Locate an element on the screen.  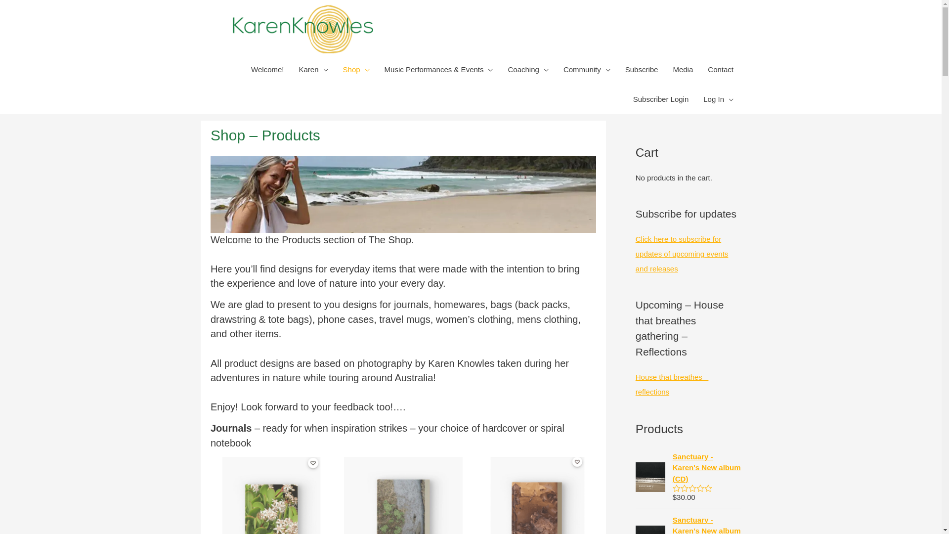
'Contact' is located at coordinates (721, 69).